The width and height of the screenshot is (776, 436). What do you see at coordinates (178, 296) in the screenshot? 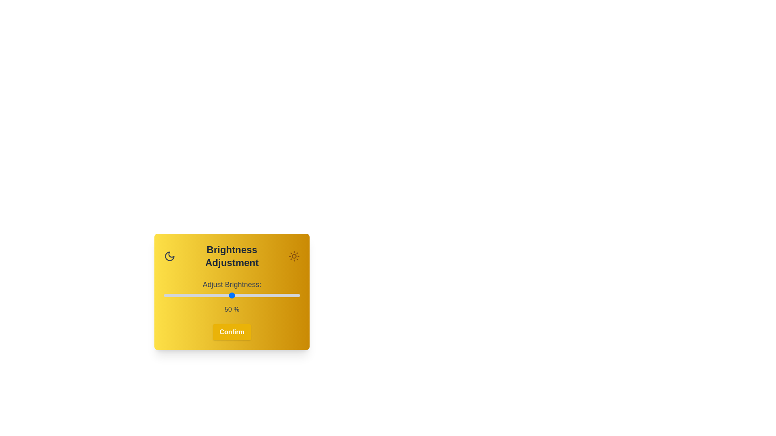
I see `the brightness slider to 11%` at bounding box center [178, 296].